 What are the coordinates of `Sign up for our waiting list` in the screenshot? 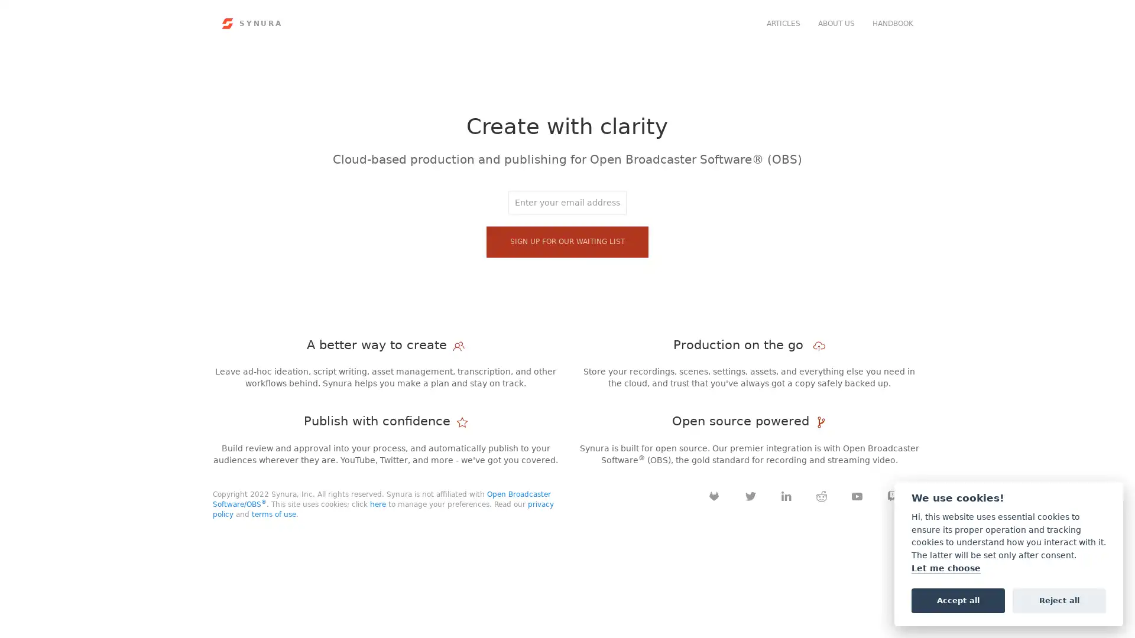 It's located at (566, 241).